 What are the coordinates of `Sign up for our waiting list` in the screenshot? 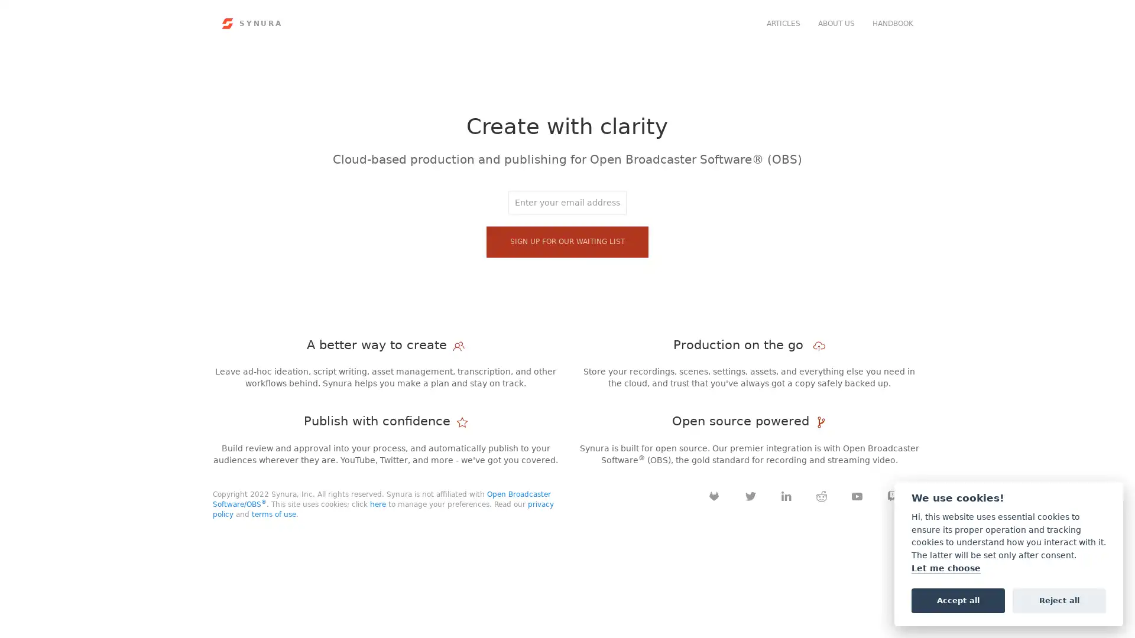 It's located at (566, 241).